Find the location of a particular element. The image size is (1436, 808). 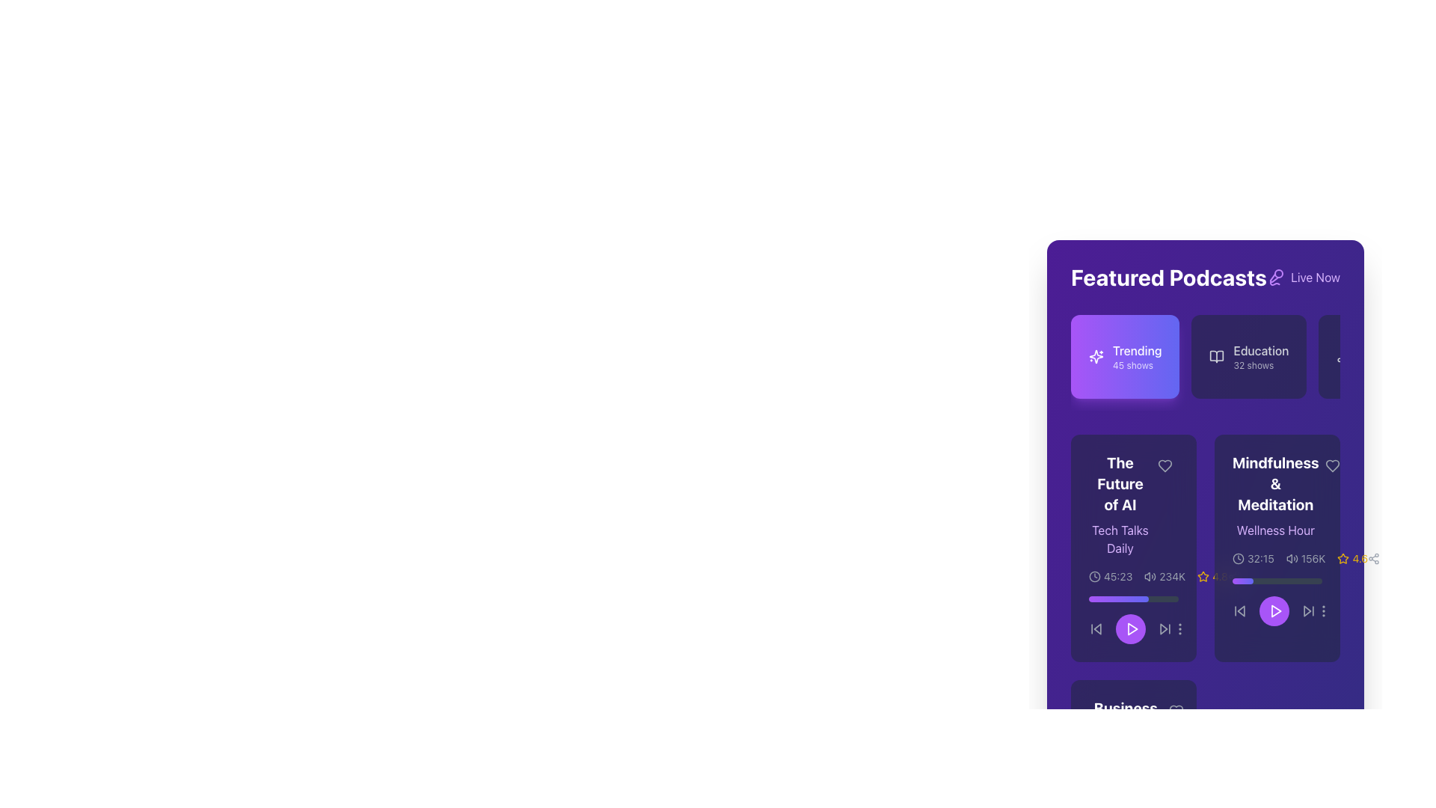

the live broadcasting icon located at the top right corner, adjacent to the 'Live Now' label is located at coordinates (1275, 277).